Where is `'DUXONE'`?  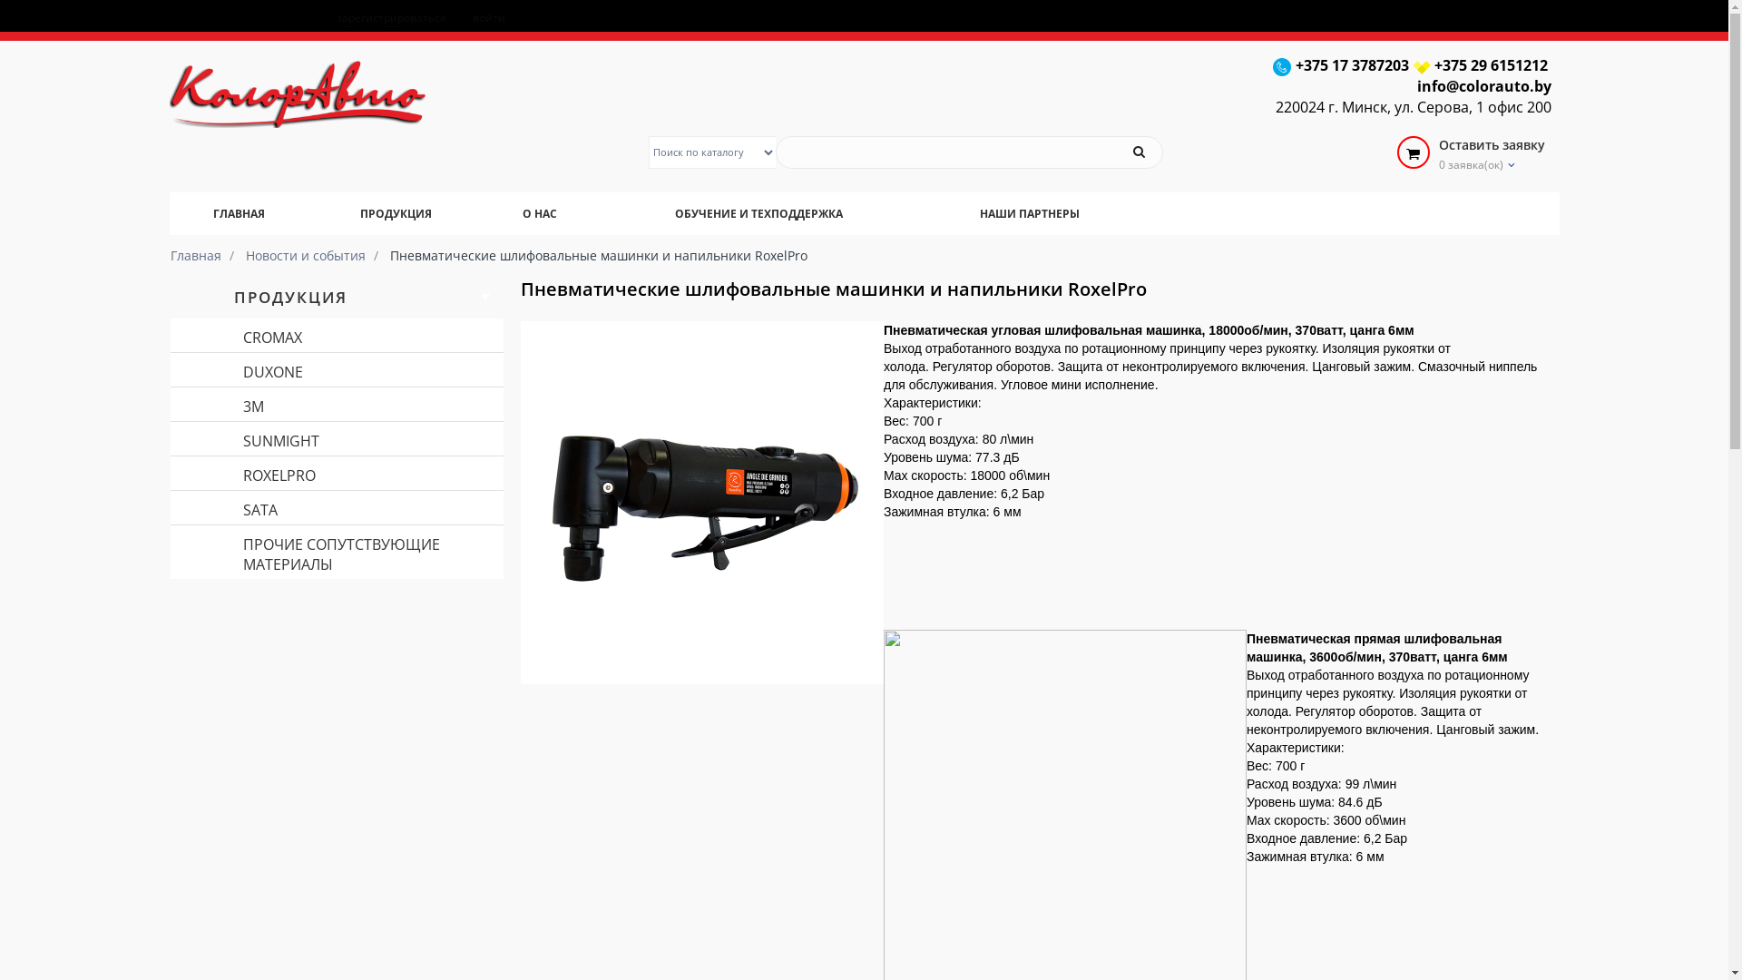
'DUXONE' is located at coordinates (170, 369).